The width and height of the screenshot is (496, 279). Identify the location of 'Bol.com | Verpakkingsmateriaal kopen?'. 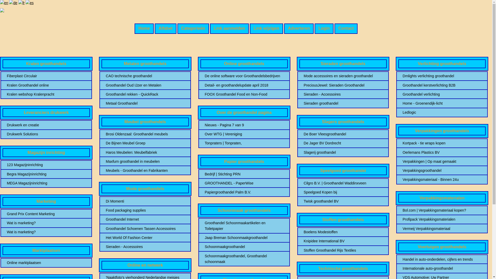
(442, 210).